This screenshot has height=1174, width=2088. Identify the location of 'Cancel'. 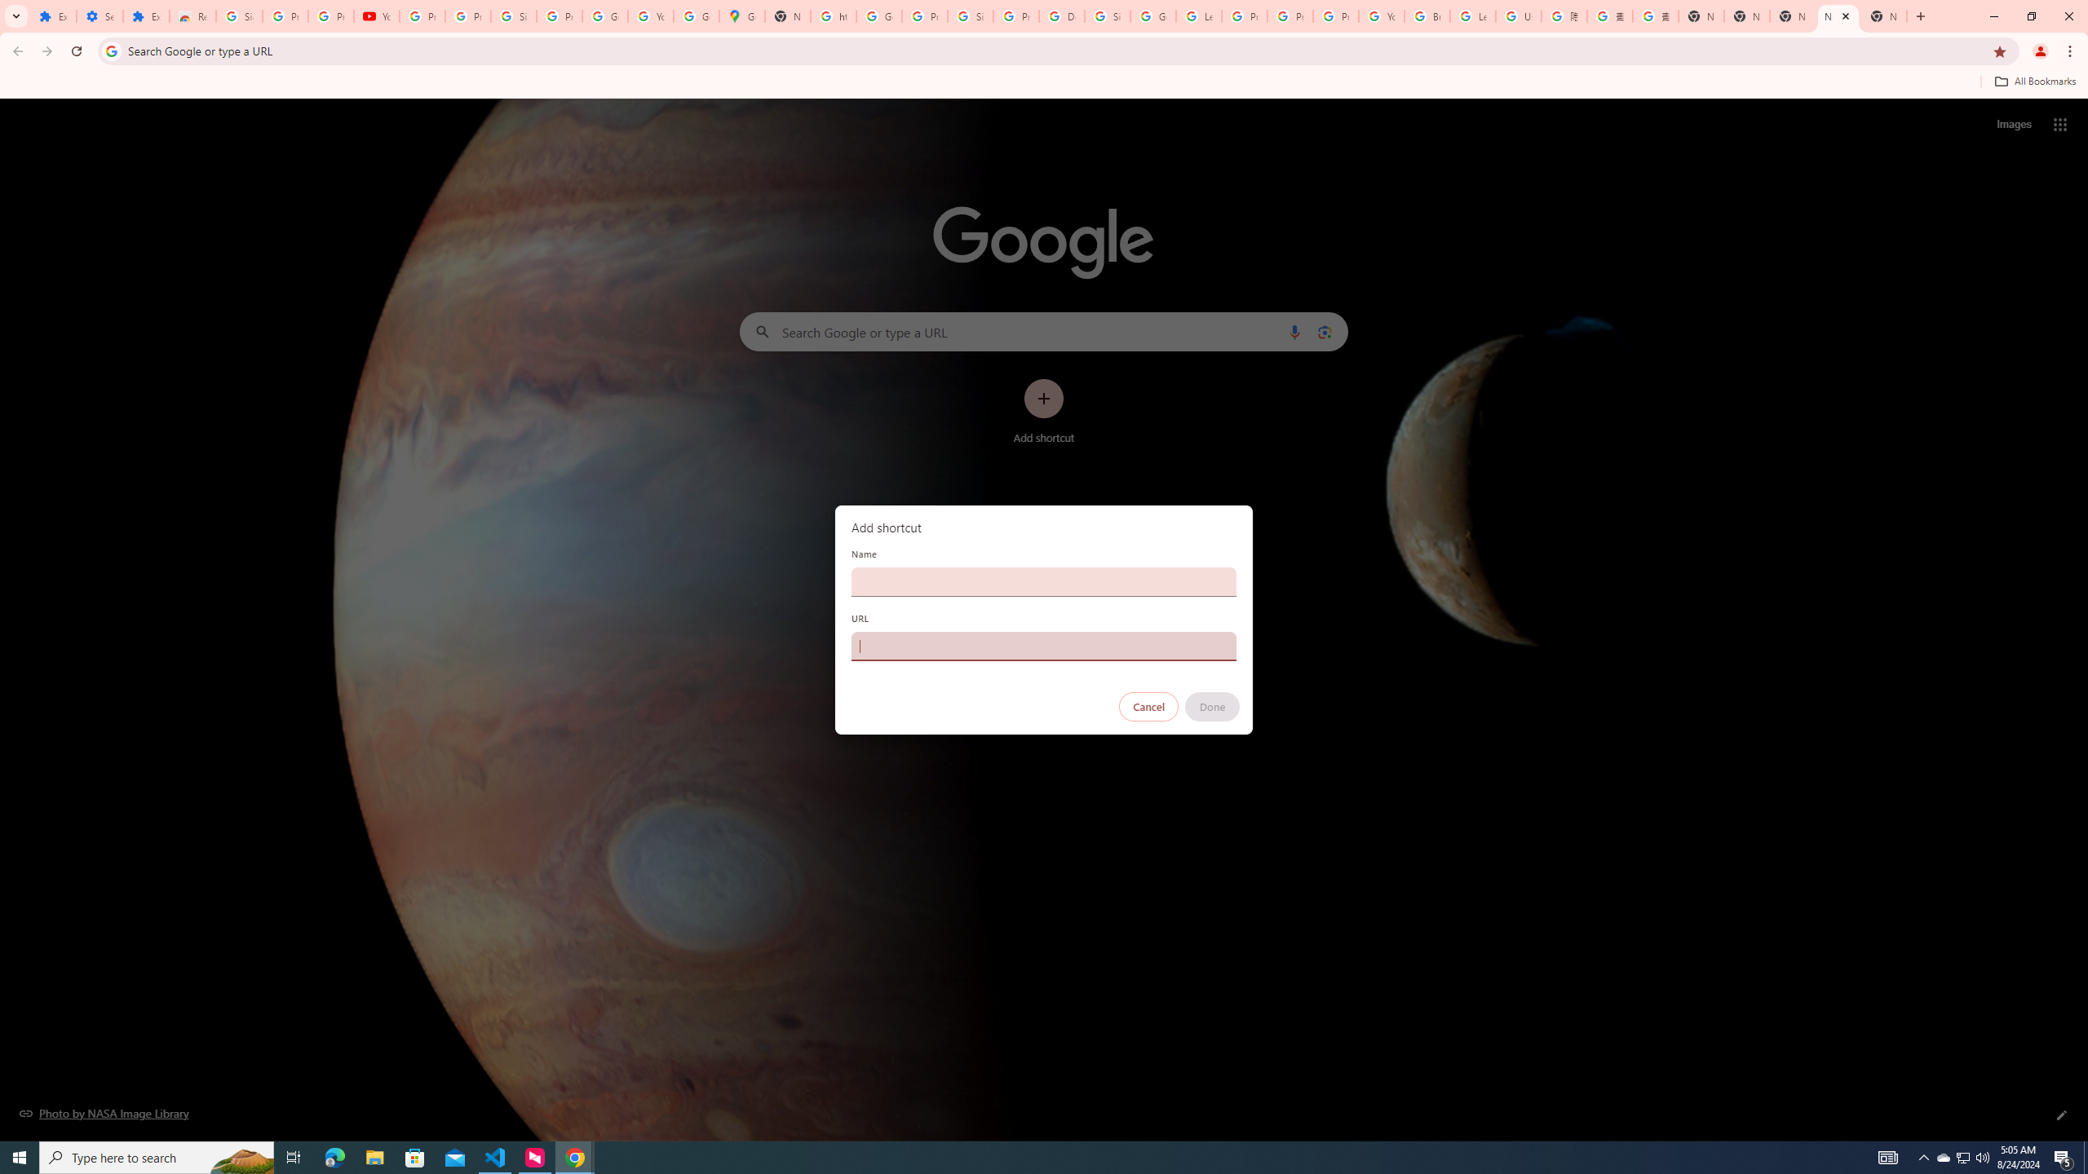
(1149, 706).